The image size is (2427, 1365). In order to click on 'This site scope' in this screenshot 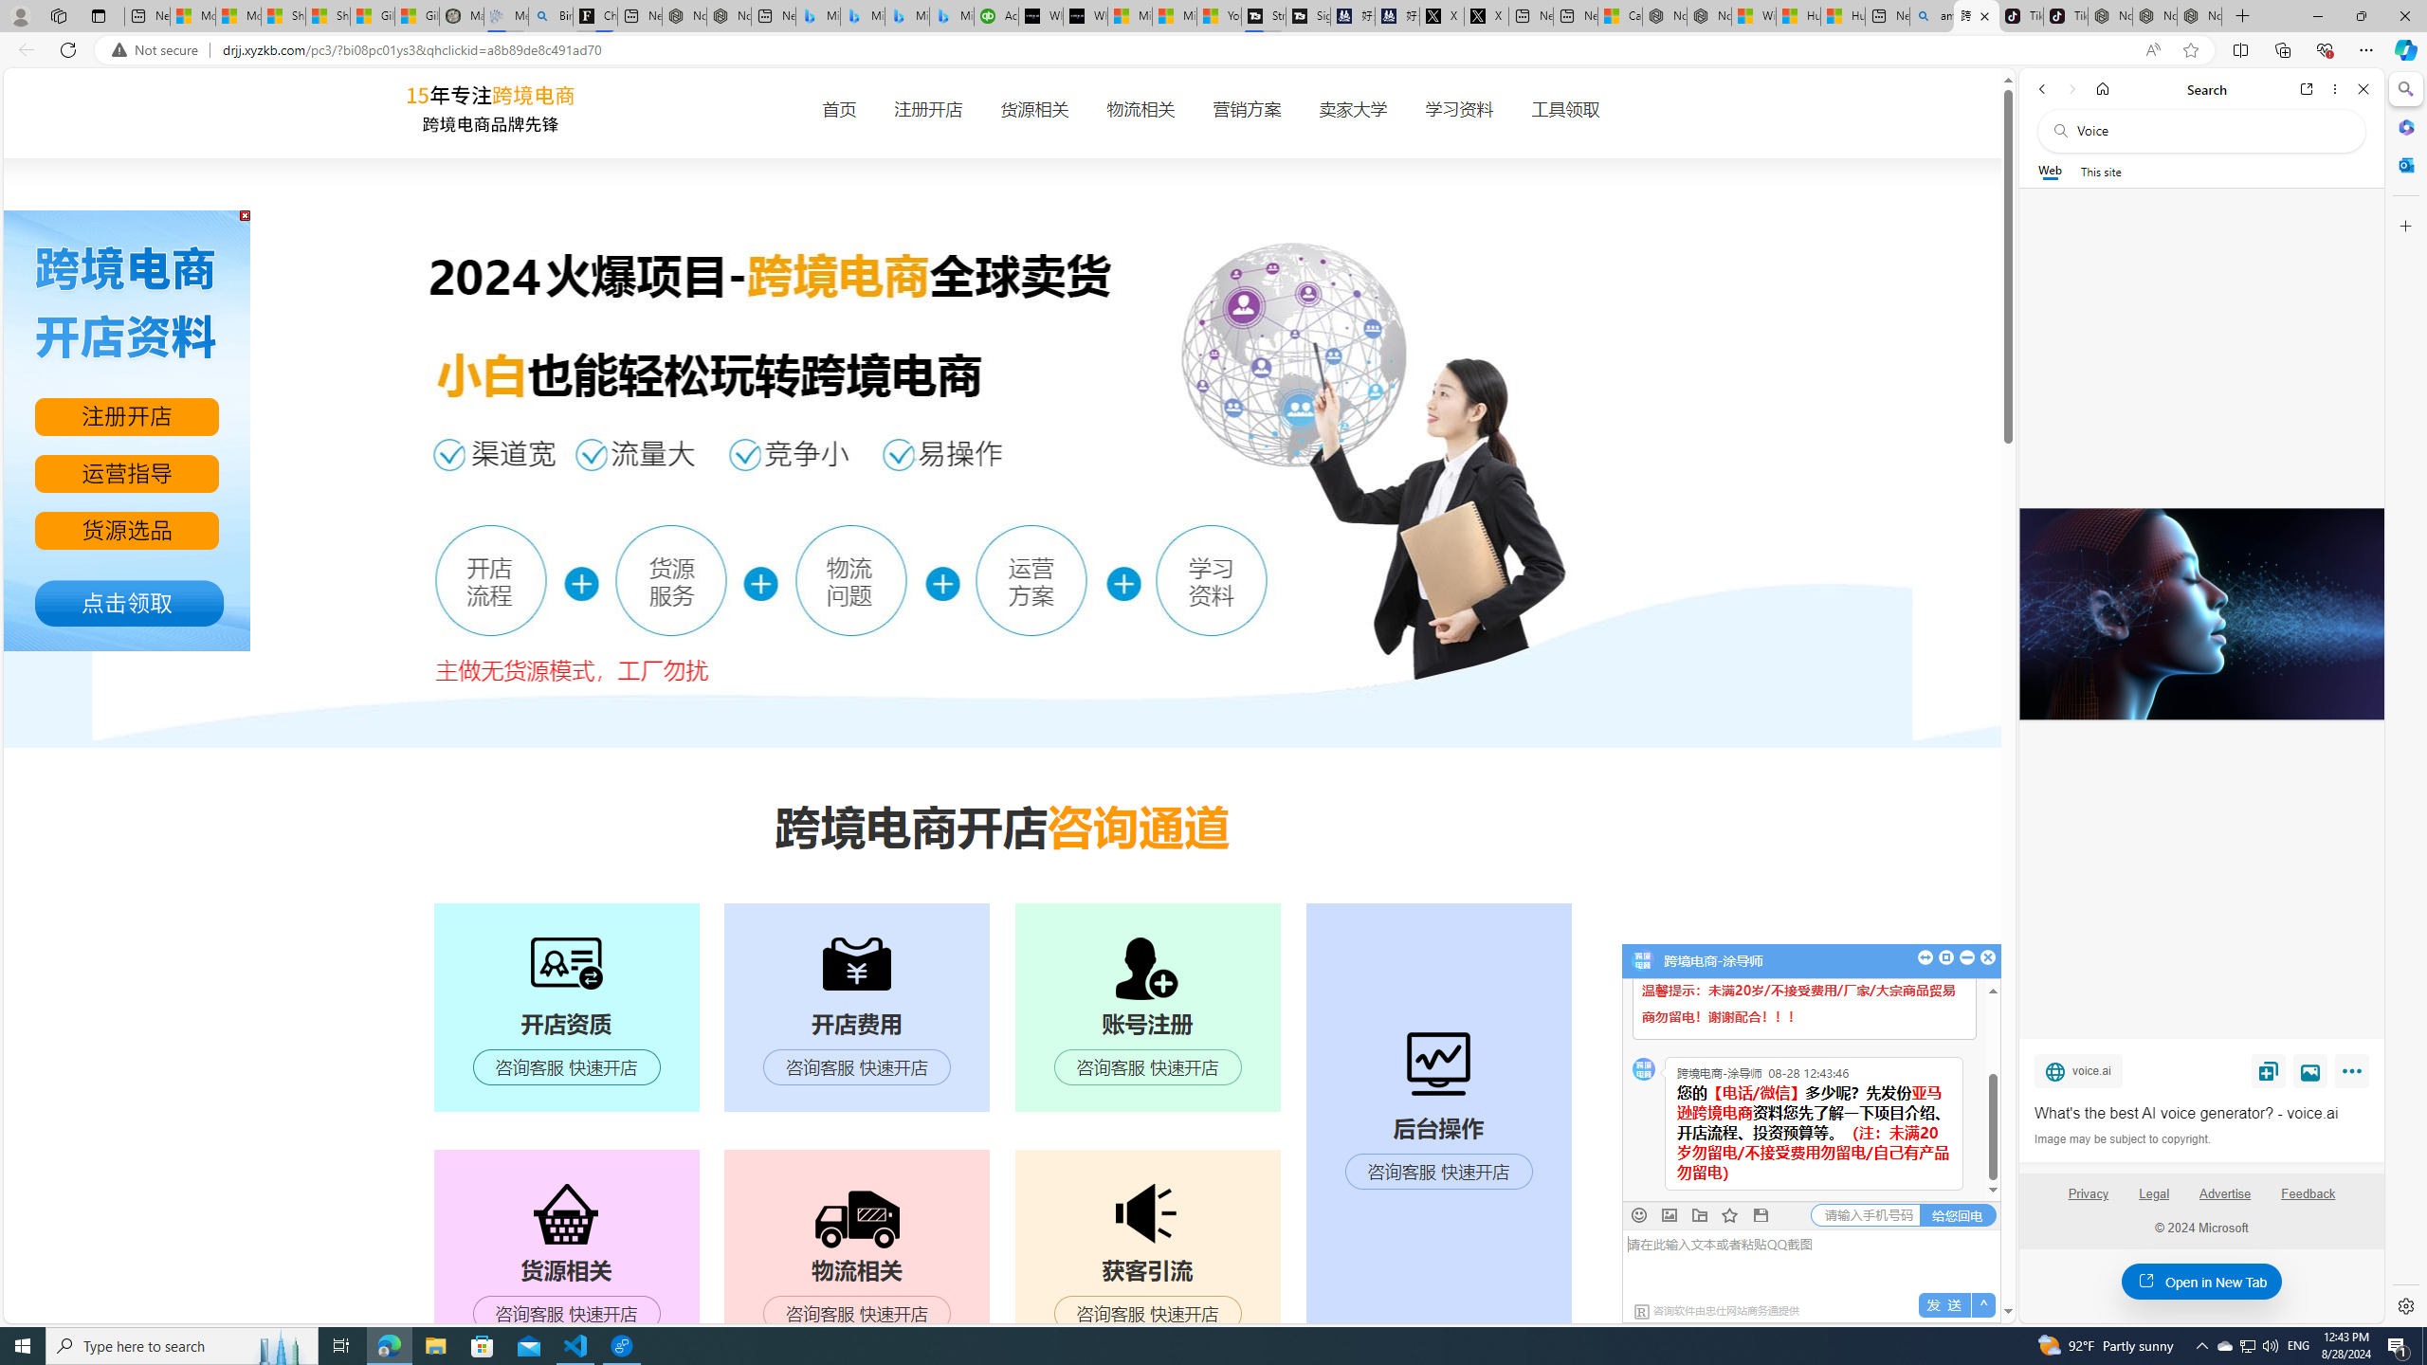, I will do `click(2099, 171)`.